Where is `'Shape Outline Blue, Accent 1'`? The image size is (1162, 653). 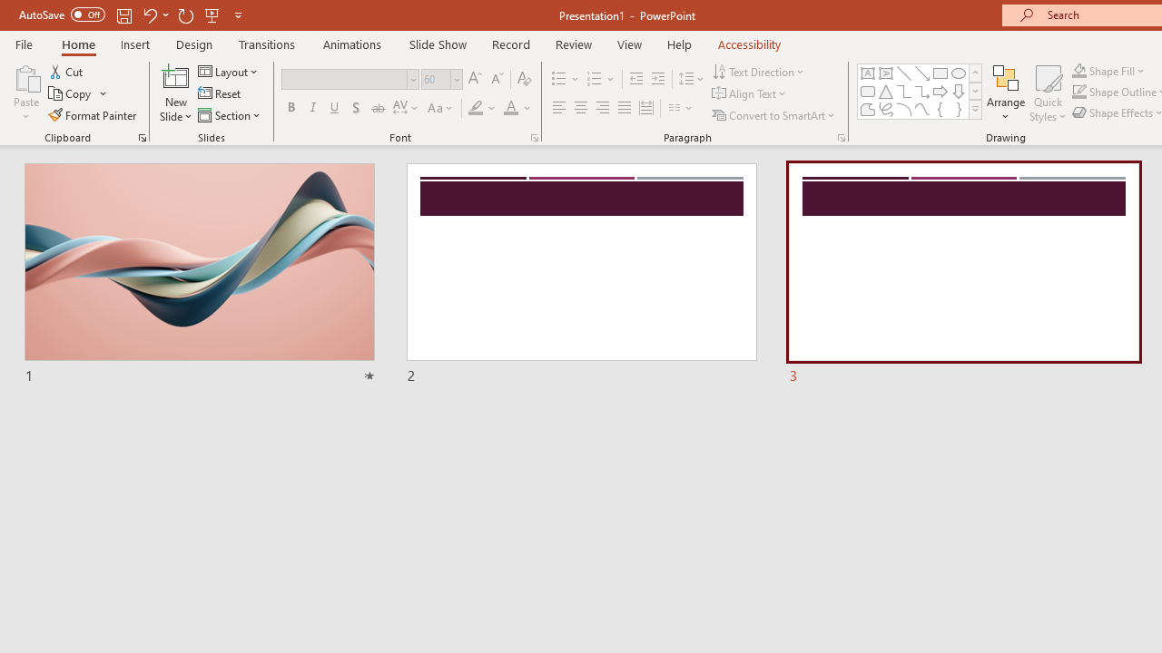 'Shape Outline Blue, Accent 1' is located at coordinates (1079, 92).